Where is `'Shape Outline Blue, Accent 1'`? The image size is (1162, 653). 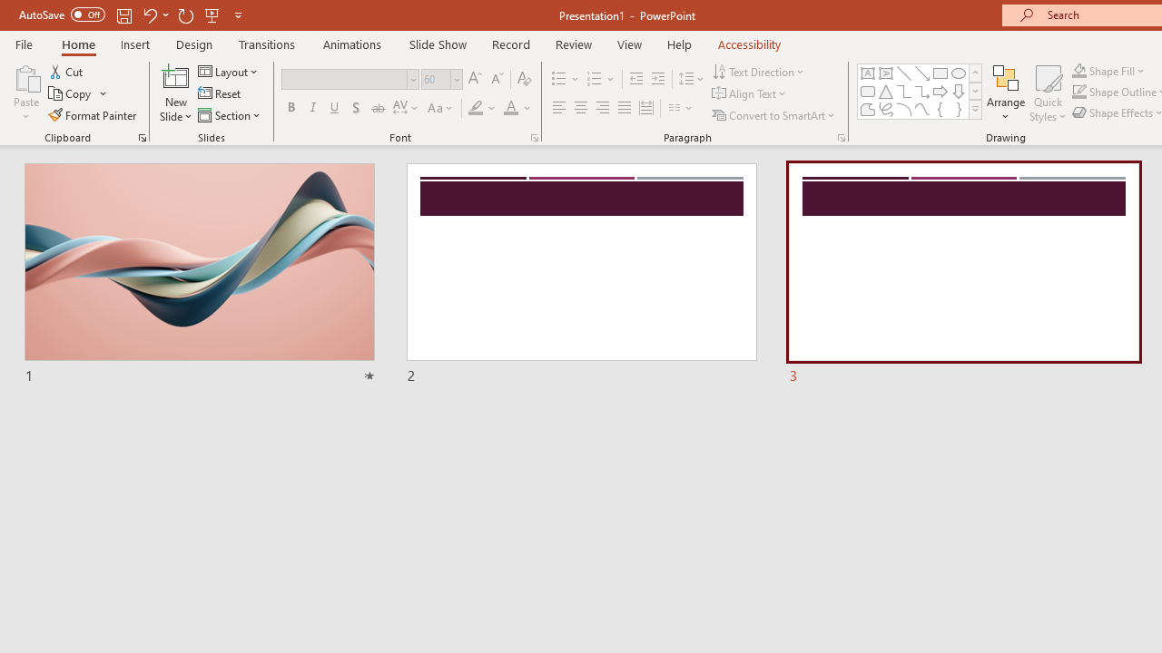 'Shape Outline Blue, Accent 1' is located at coordinates (1079, 92).